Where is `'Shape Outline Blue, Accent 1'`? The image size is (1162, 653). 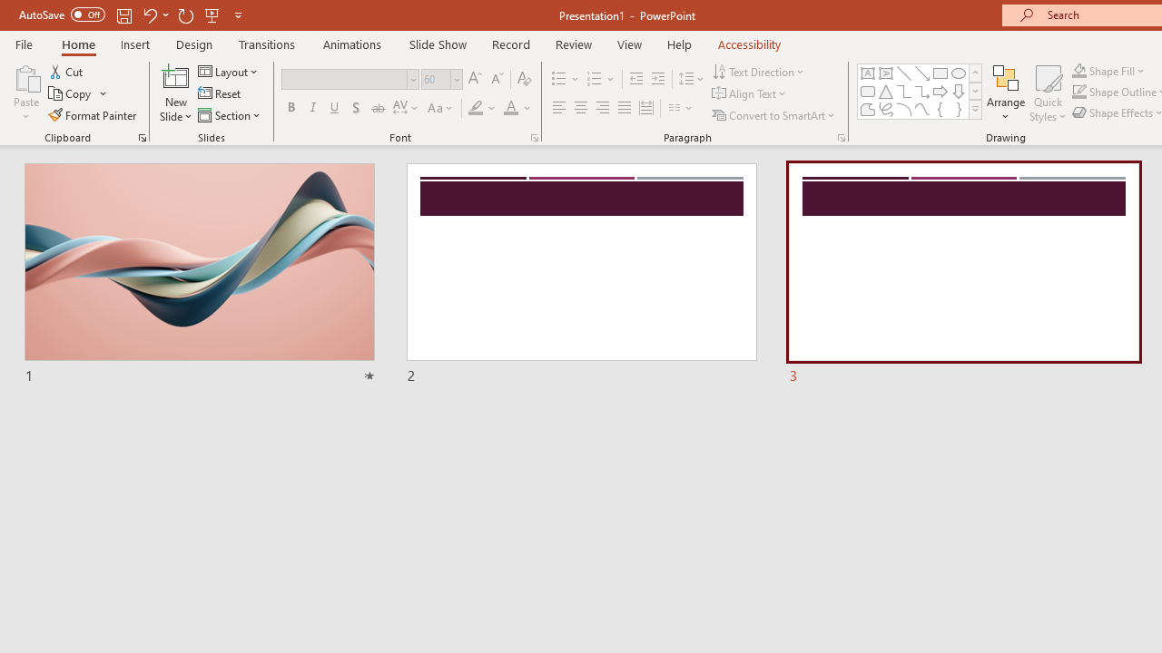 'Shape Outline Blue, Accent 1' is located at coordinates (1079, 92).